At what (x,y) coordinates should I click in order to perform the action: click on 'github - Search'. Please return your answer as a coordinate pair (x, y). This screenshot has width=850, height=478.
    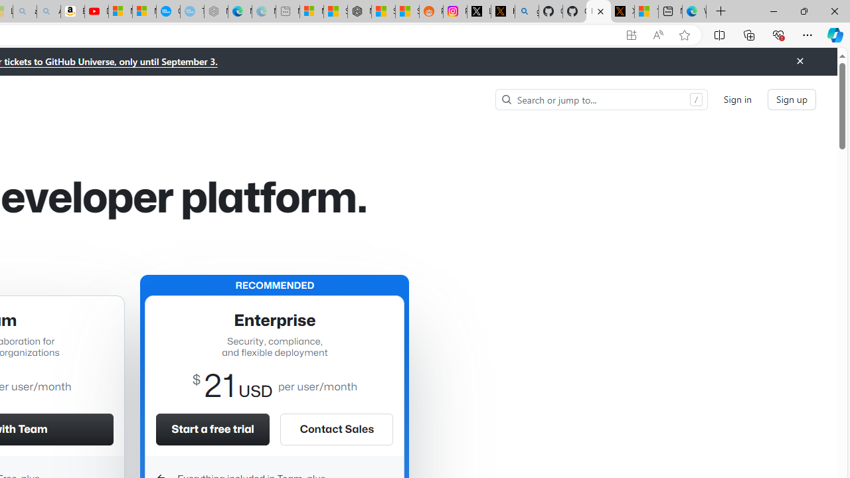
    Looking at the image, I should click on (526, 11).